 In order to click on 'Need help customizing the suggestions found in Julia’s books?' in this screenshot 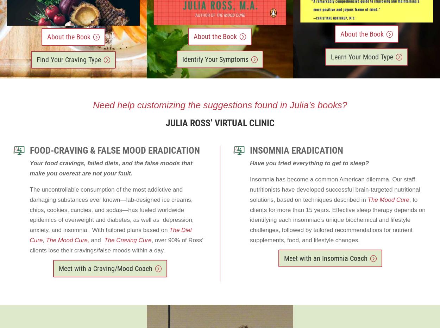, I will do `click(219, 105)`.